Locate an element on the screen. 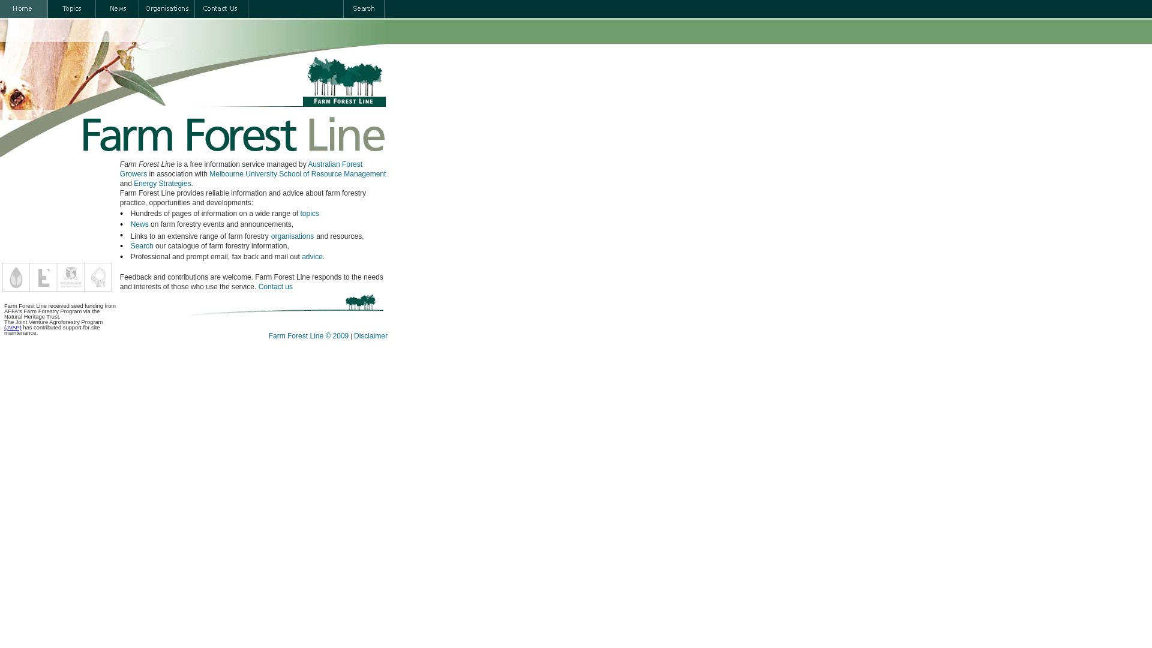 The width and height of the screenshot is (1152, 648). 'Contact us' is located at coordinates (275, 287).